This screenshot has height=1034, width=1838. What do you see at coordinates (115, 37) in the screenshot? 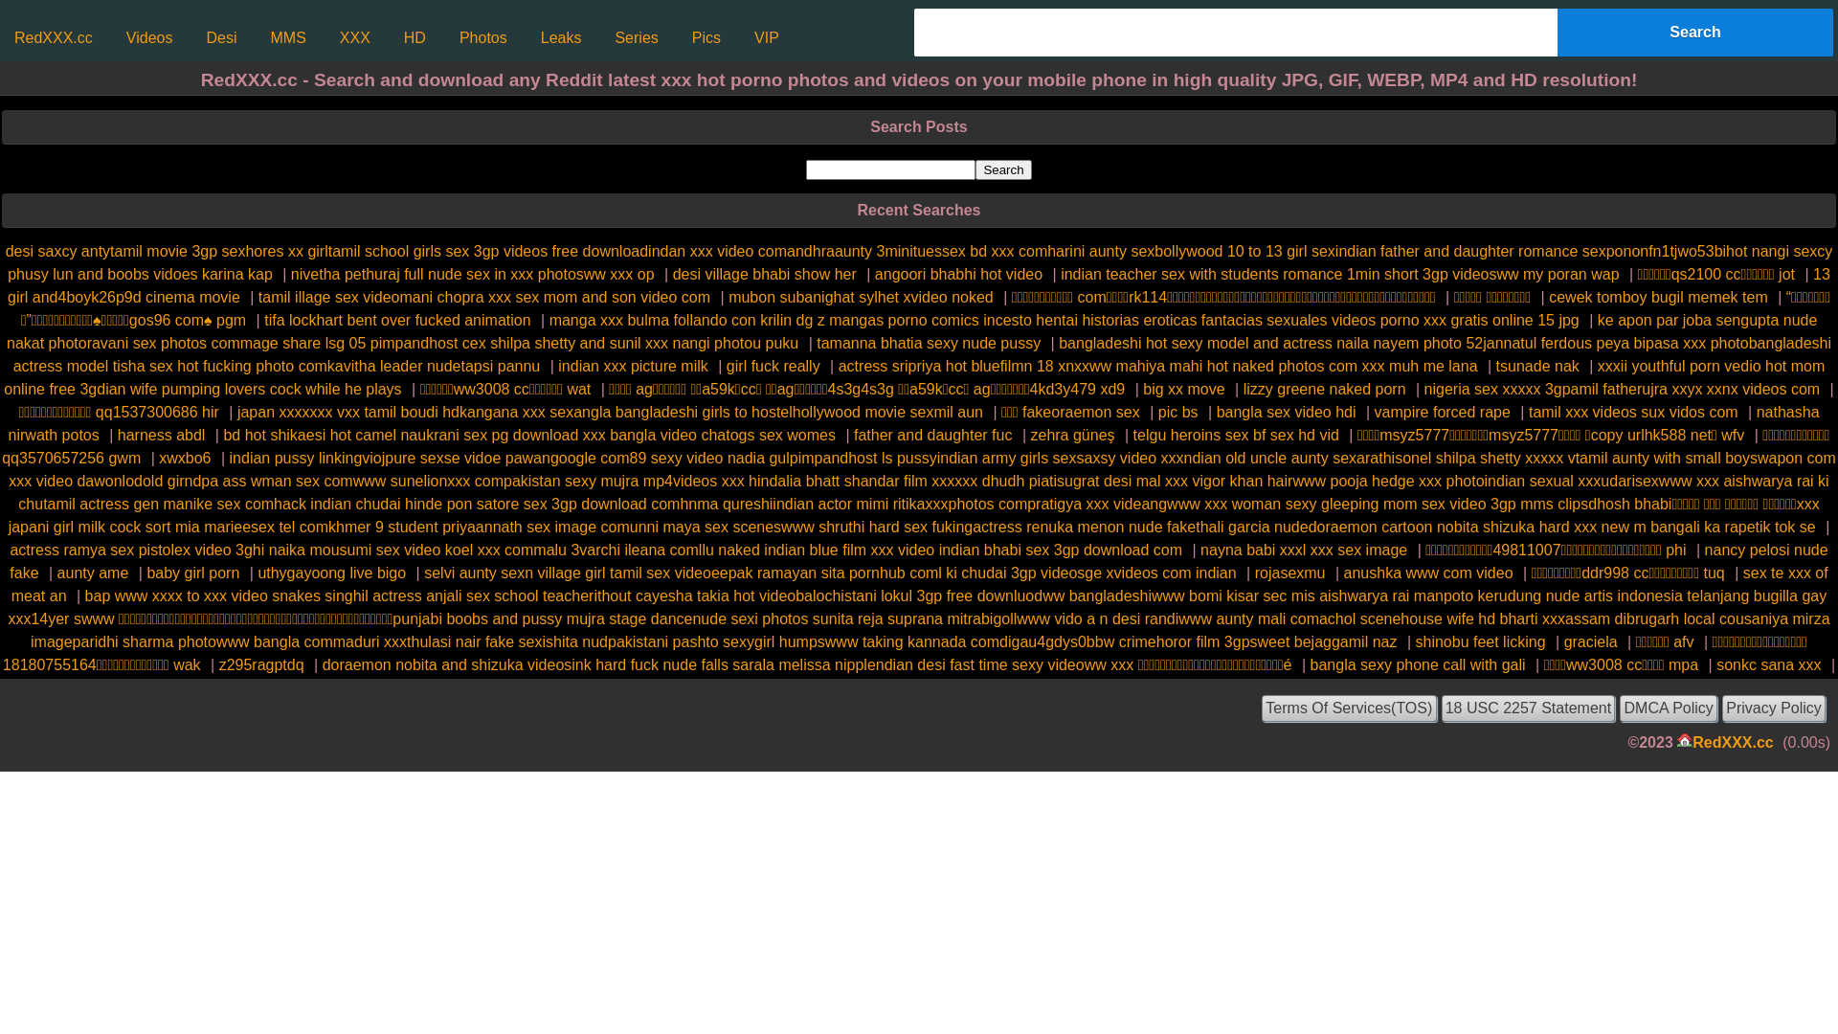
I see `'Videos'` at bounding box center [115, 37].